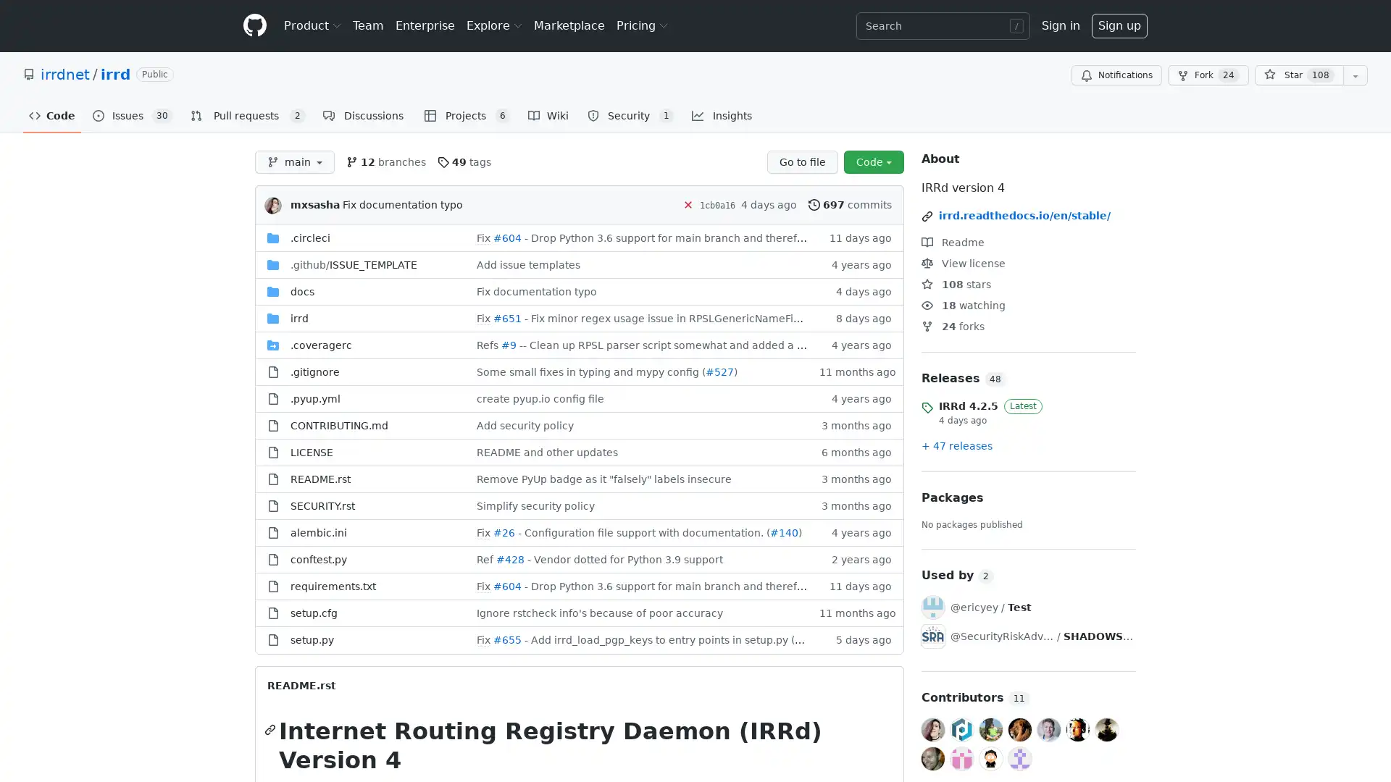 This screenshot has width=1391, height=782. I want to click on You must be signed in to add this repository to a list, so click(1355, 75).